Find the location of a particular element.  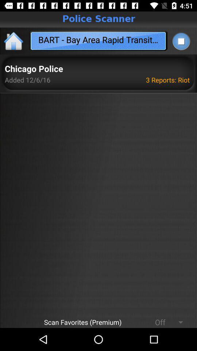

the added 12 6 is located at coordinates (27, 80).